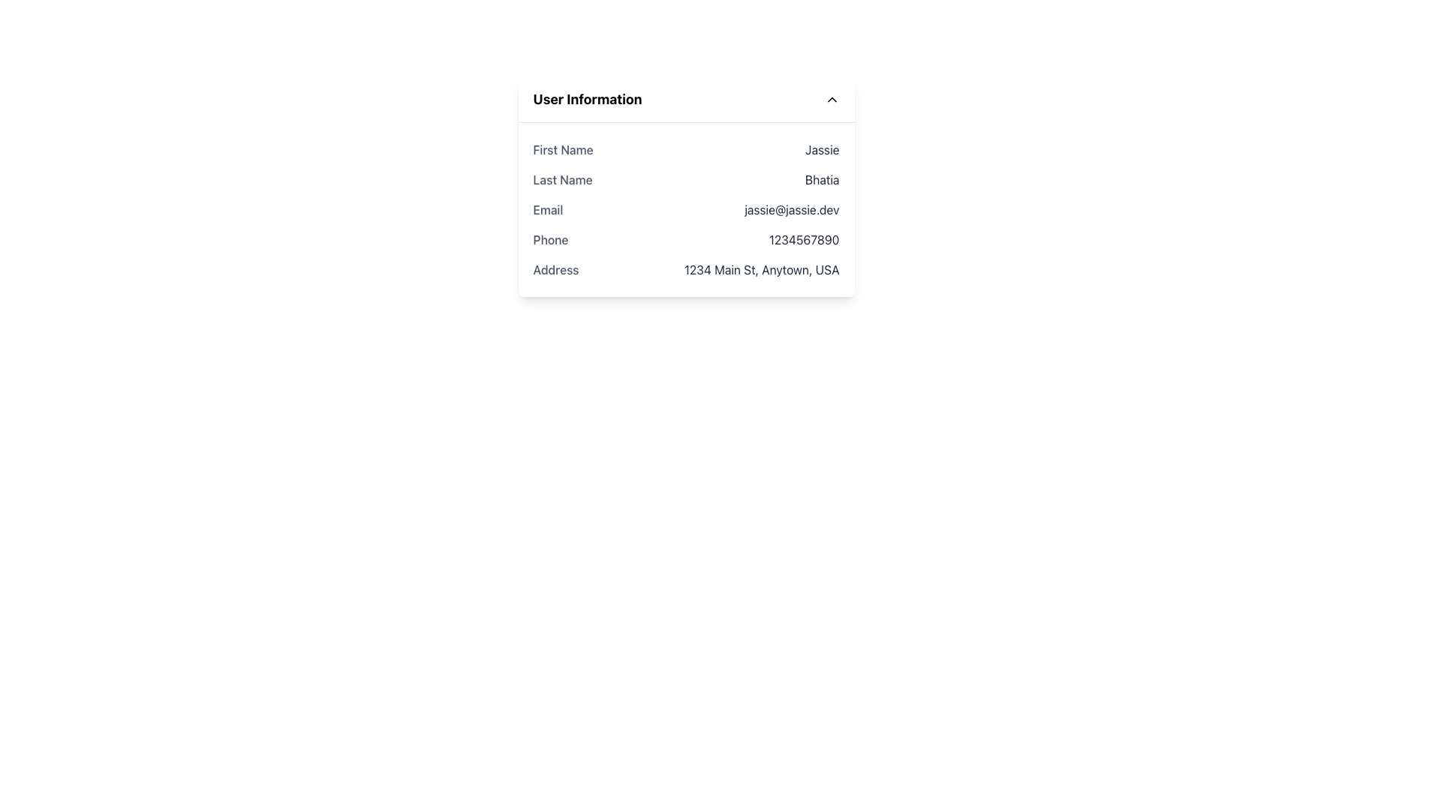 The width and height of the screenshot is (1441, 810). I want to click on the text label displaying 'Bhatia', which is located to the right of the 'Last Name' label in the 'User Information' panel, so click(821, 178).